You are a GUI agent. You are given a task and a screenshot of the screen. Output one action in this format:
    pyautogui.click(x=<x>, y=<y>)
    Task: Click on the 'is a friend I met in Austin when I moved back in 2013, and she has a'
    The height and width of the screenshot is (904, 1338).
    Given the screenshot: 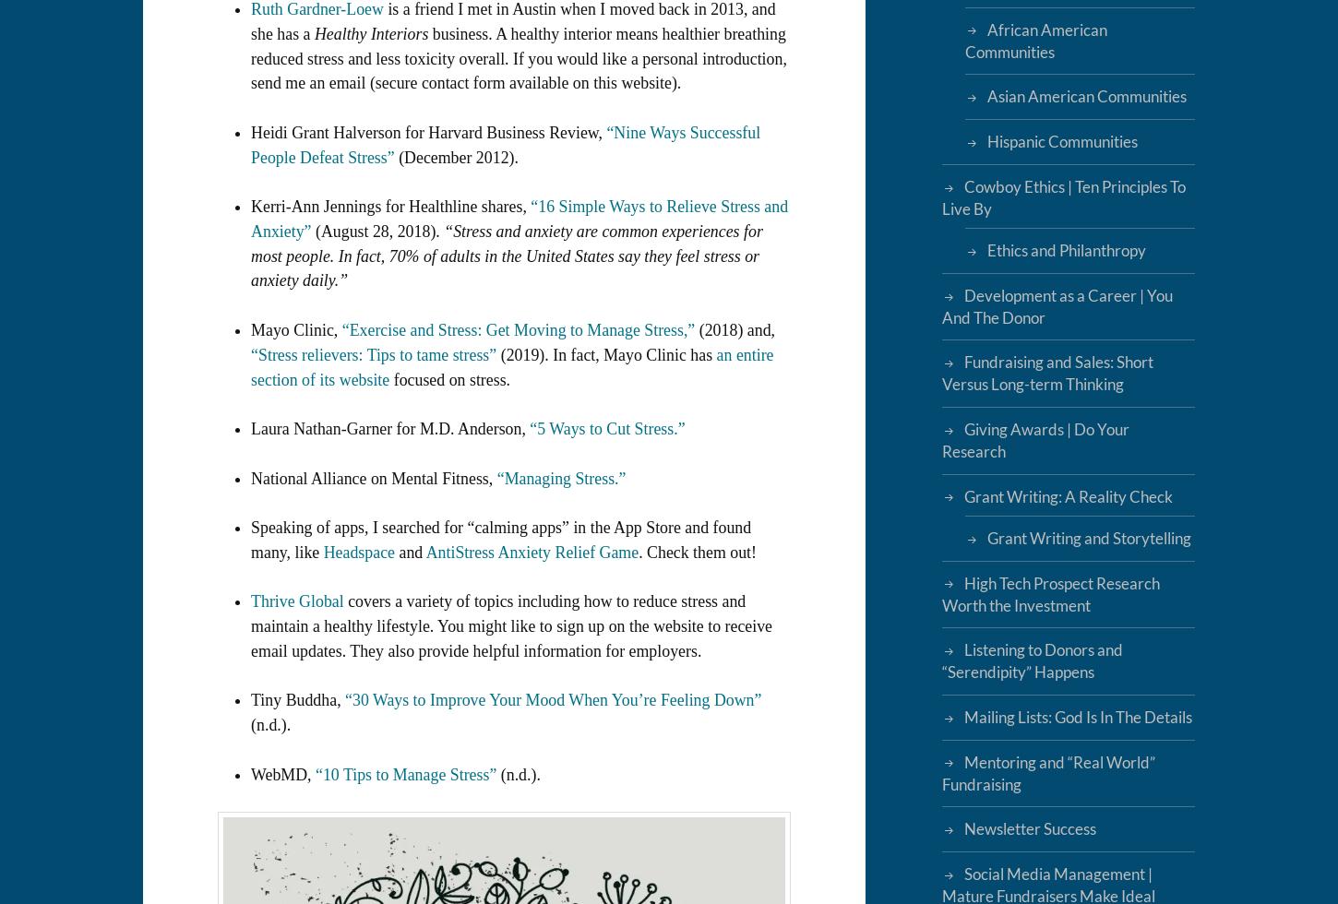 What is the action you would take?
    pyautogui.click(x=251, y=21)
    